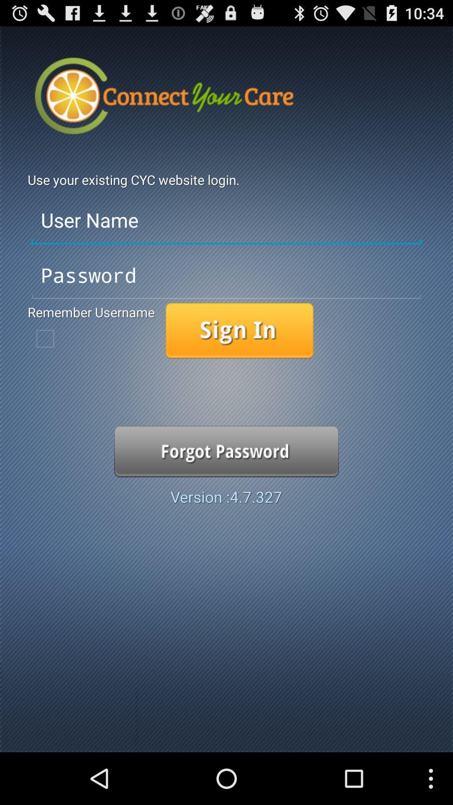  I want to click on check remember username, so click(45, 338).